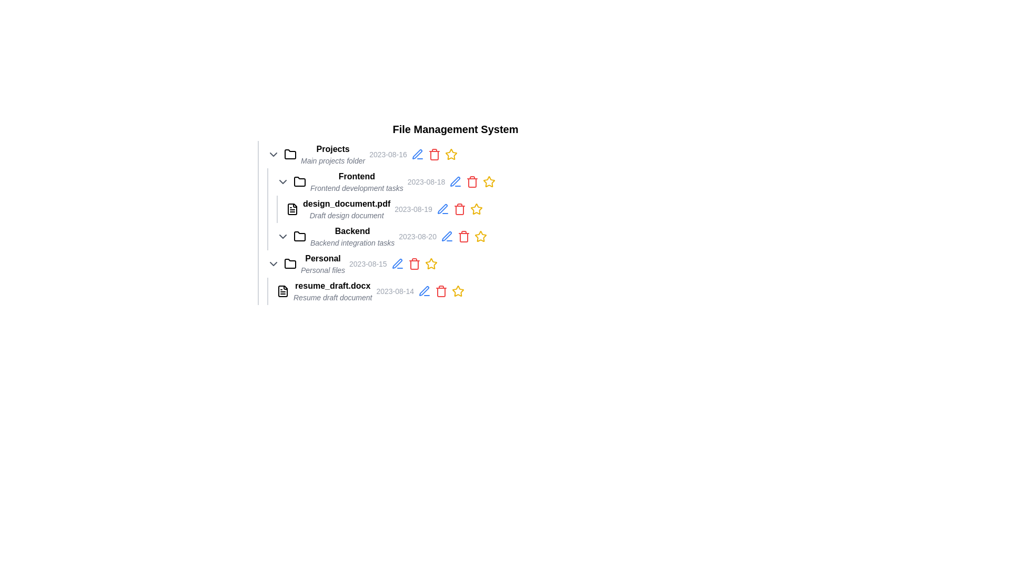 The width and height of the screenshot is (1010, 568). I want to click on the Text label that displays 'Personal' in bold and 'Personal files' in italic light gray, located under the 'Backend' folder and above 'resume_draft.docx', so click(322, 263).